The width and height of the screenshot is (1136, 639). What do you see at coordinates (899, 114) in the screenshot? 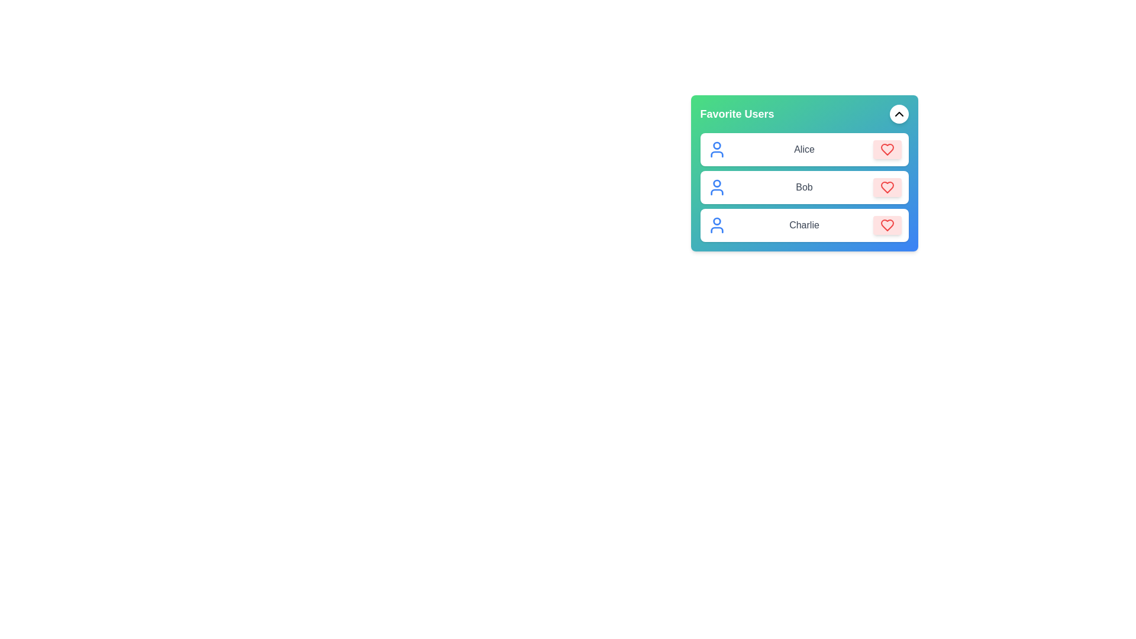
I see `toggle button to change the visibility of the user list` at bounding box center [899, 114].